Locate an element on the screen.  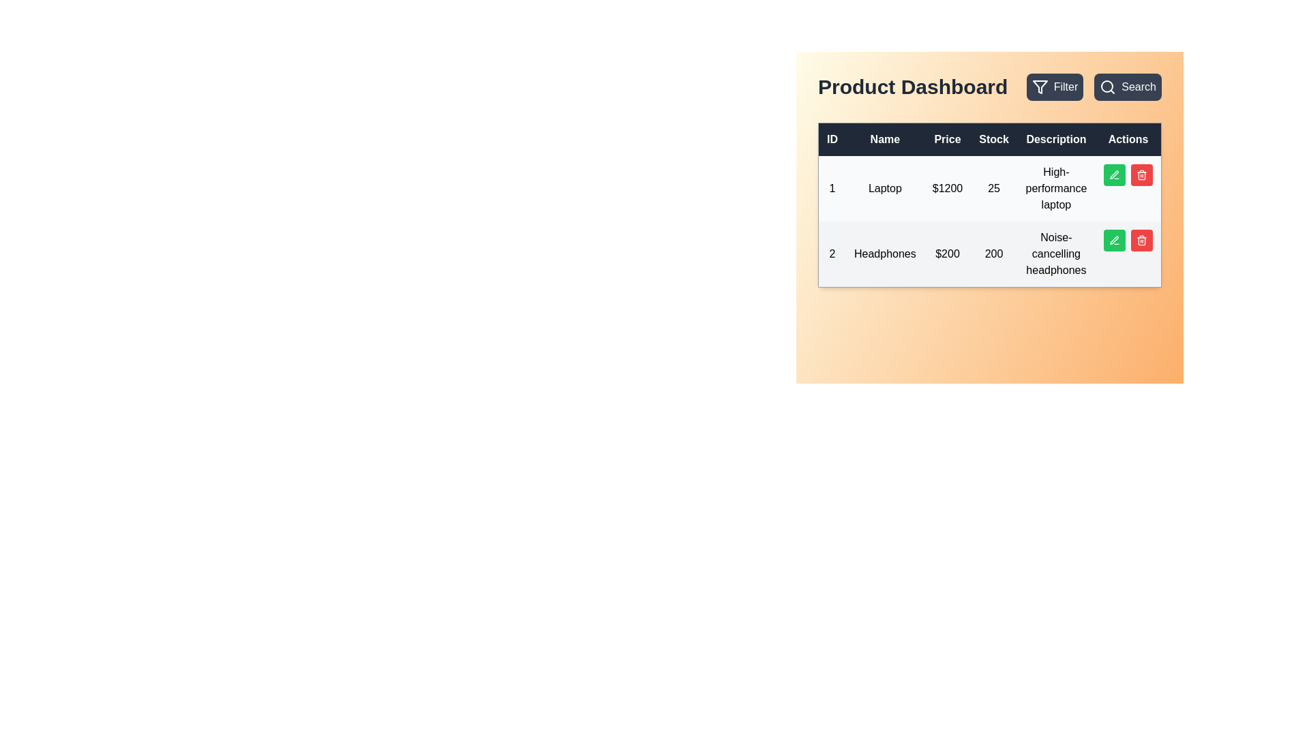
the delete button for the second product in the 'Product Dashboard' table is located at coordinates (1142, 174).